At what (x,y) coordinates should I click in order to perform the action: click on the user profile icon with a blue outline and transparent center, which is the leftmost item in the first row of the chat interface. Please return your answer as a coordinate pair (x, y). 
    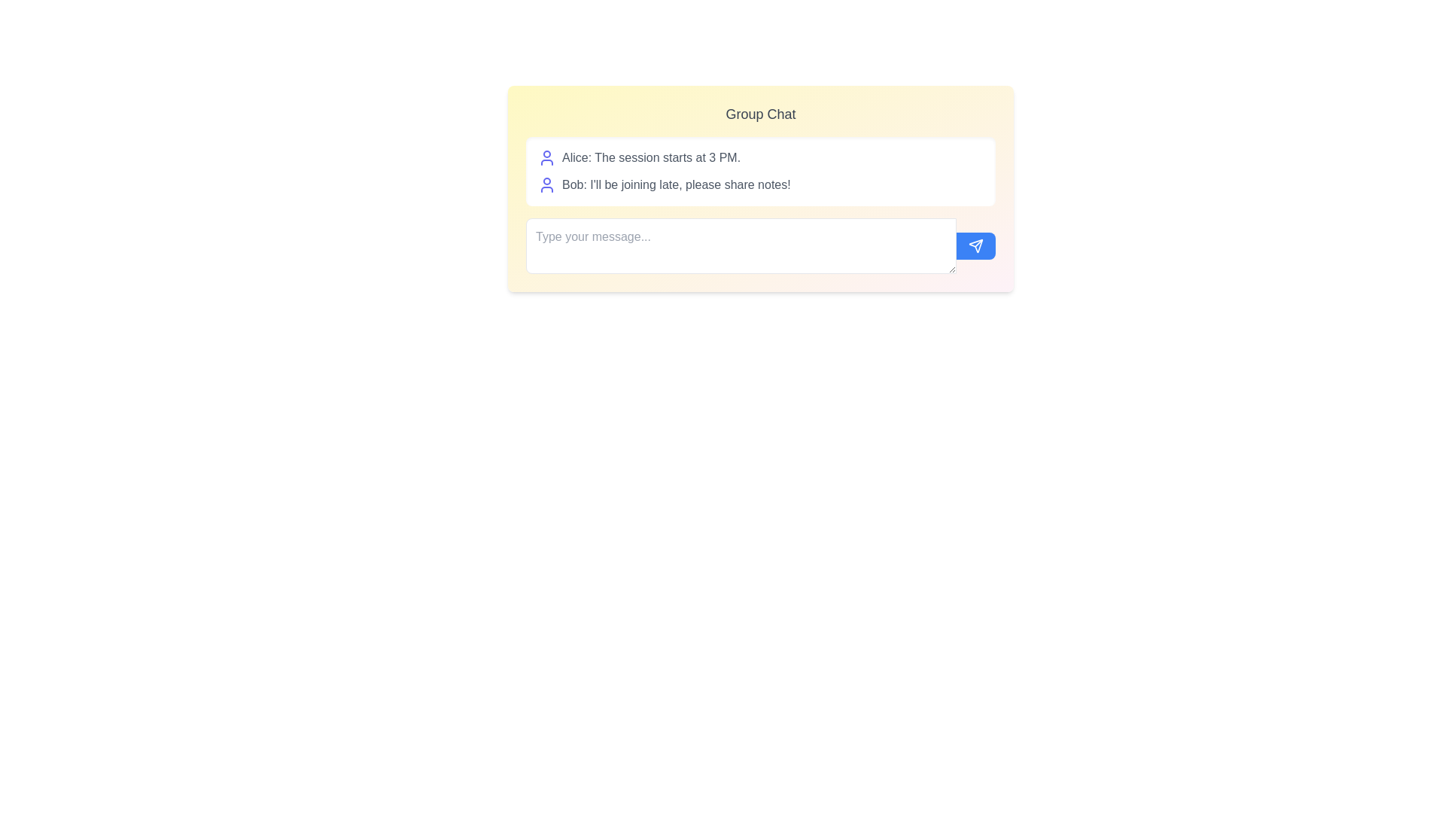
    Looking at the image, I should click on (546, 157).